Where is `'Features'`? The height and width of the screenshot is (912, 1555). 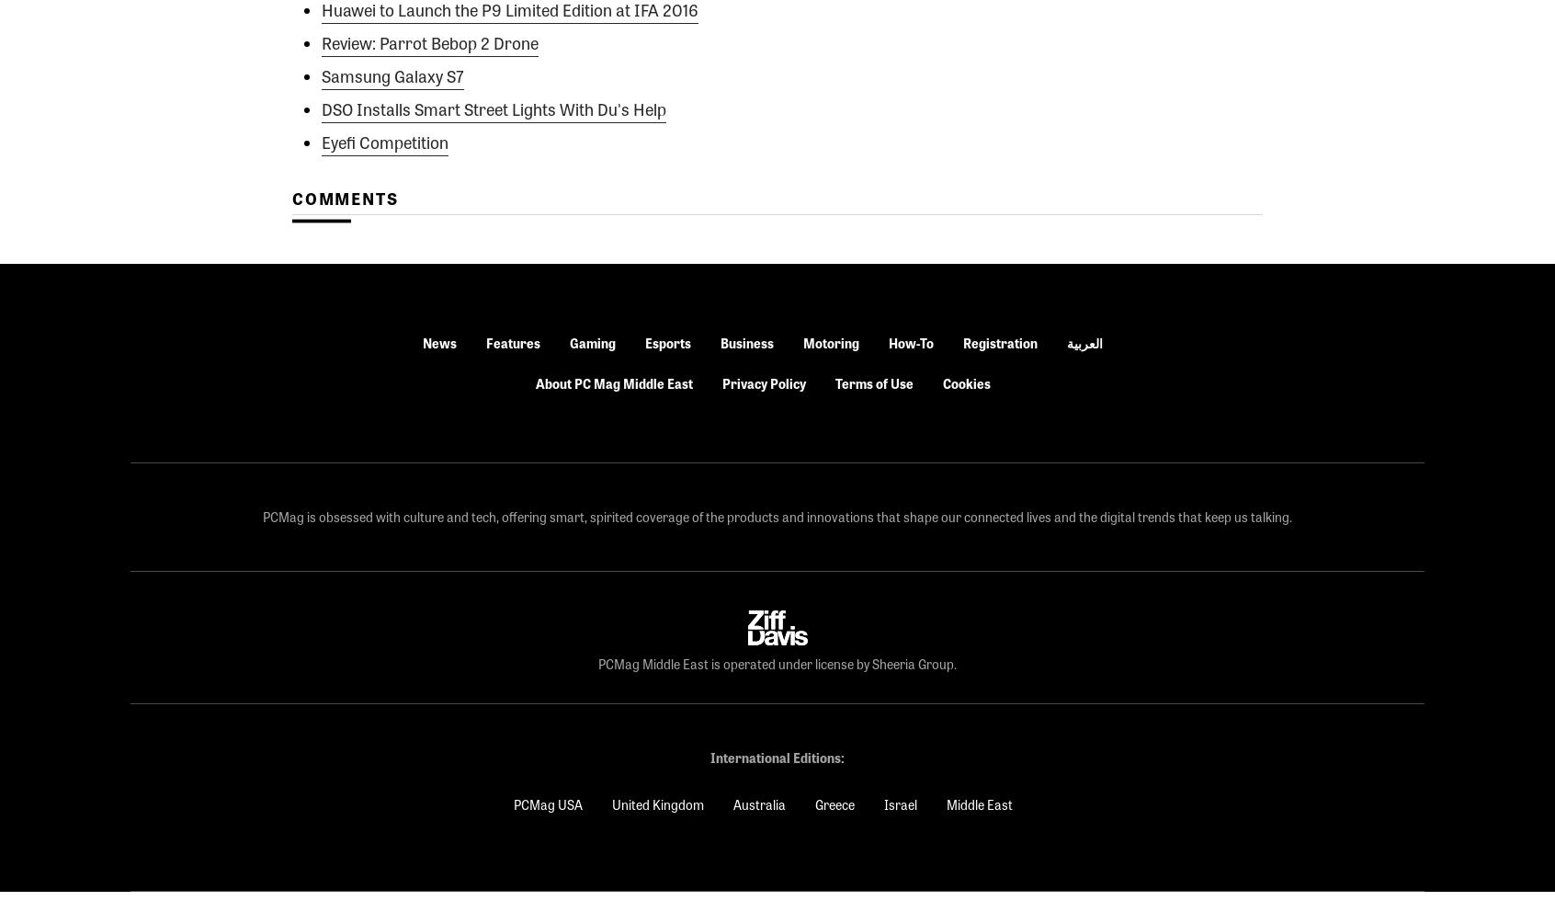 'Features' is located at coordinates (513, 341).